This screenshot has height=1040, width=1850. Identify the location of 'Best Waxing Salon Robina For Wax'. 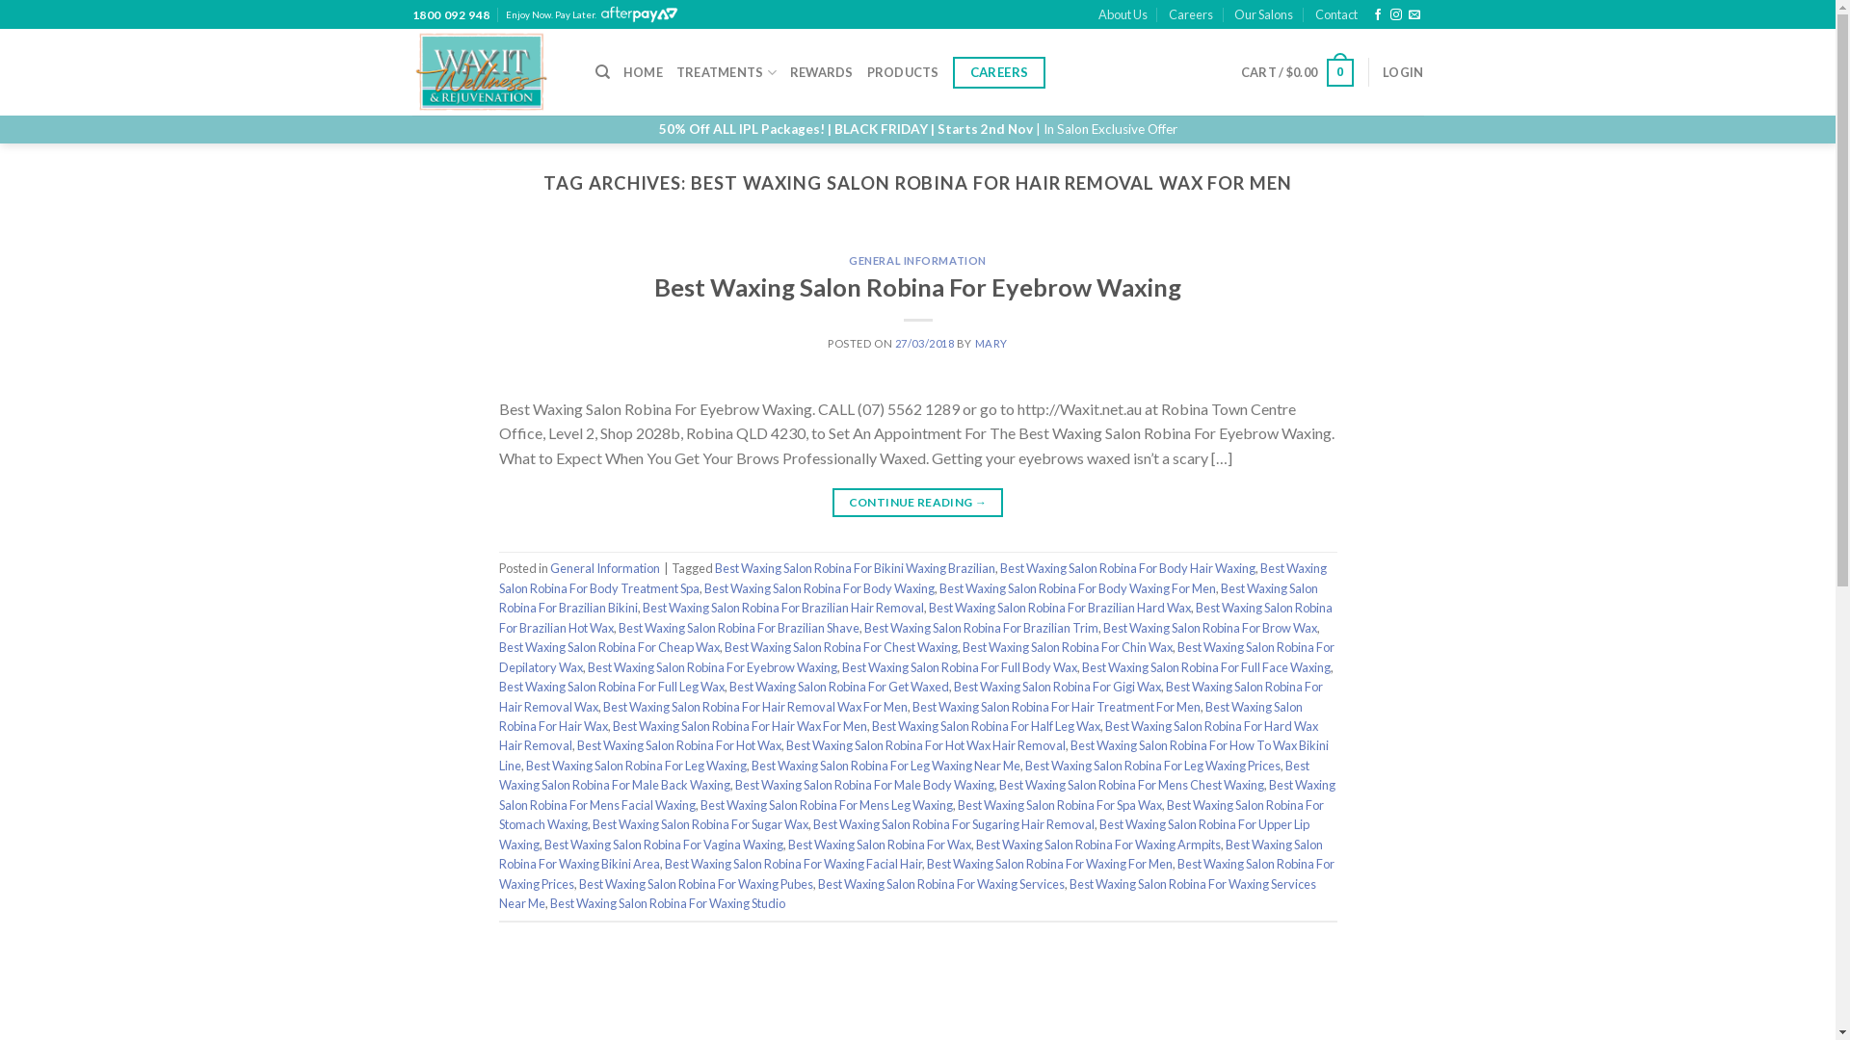
(878, 843).